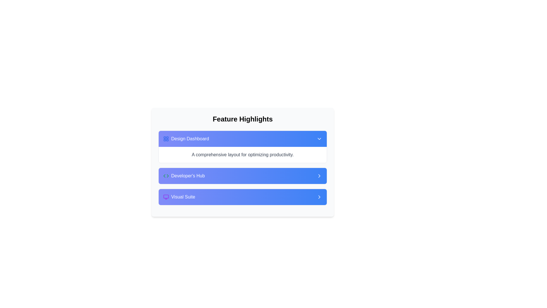 Image resolution: width=547 pixels, height=308 pixels. What do you see at coordinates (166, 196) in the screenshot?
I see `the purple monitor SVG icon located to the left of the 'Visual Suite' label, which is part of the 'Visual Suite' row in the feature highlights` at bounding box center [166, 196].